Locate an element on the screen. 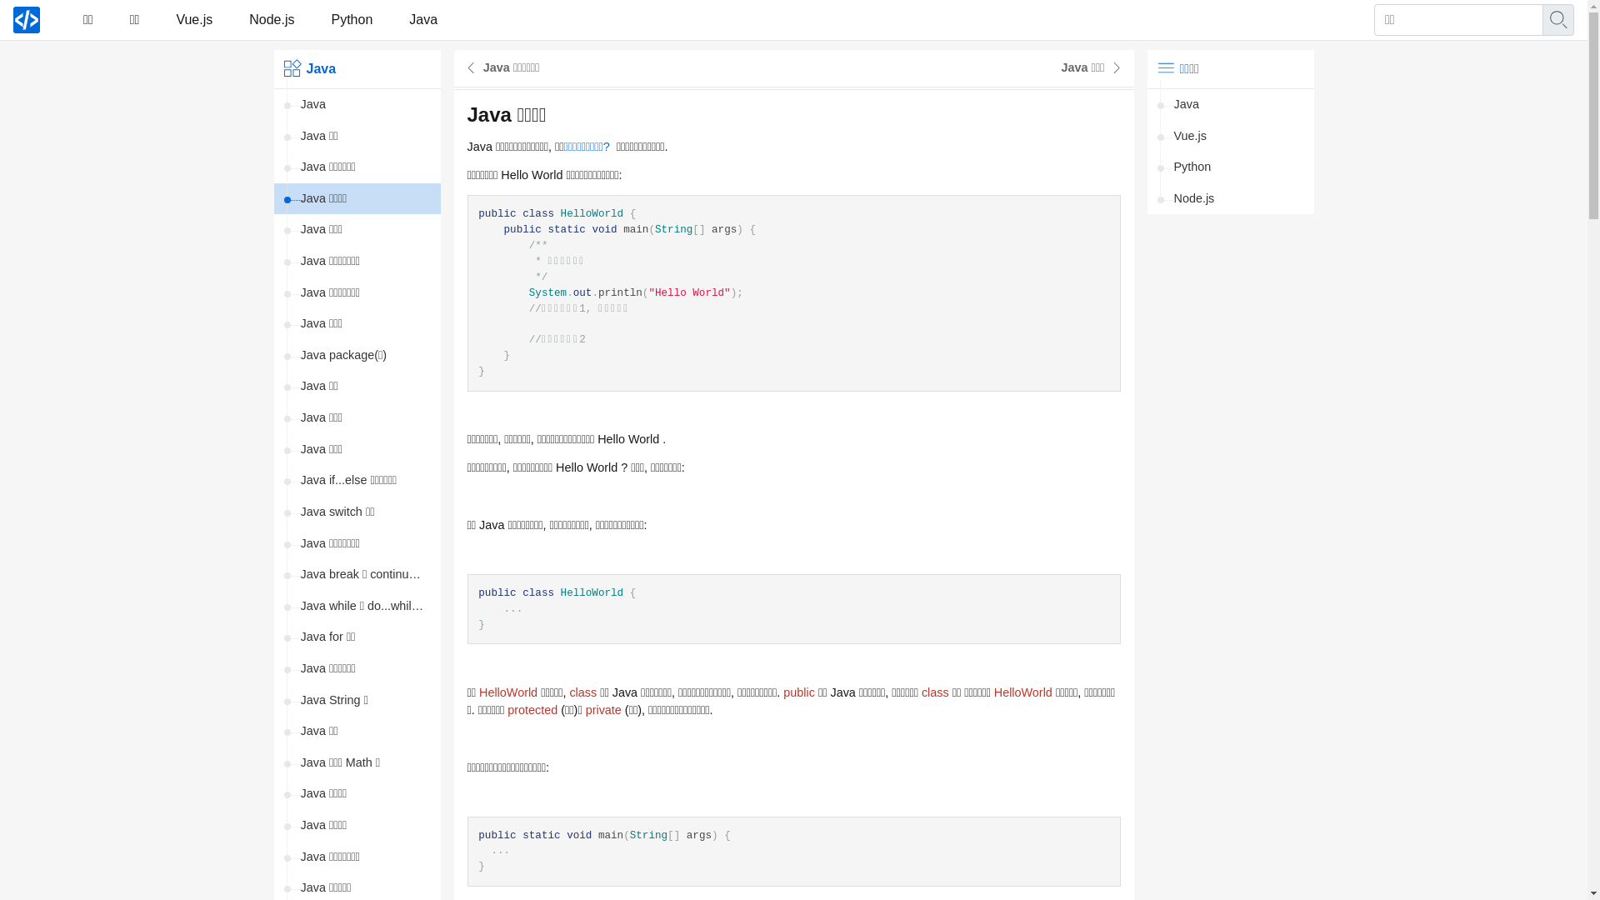 This screenshot has width=1600, height=900. 'Vue.js' is located at coordinates (159, 19).